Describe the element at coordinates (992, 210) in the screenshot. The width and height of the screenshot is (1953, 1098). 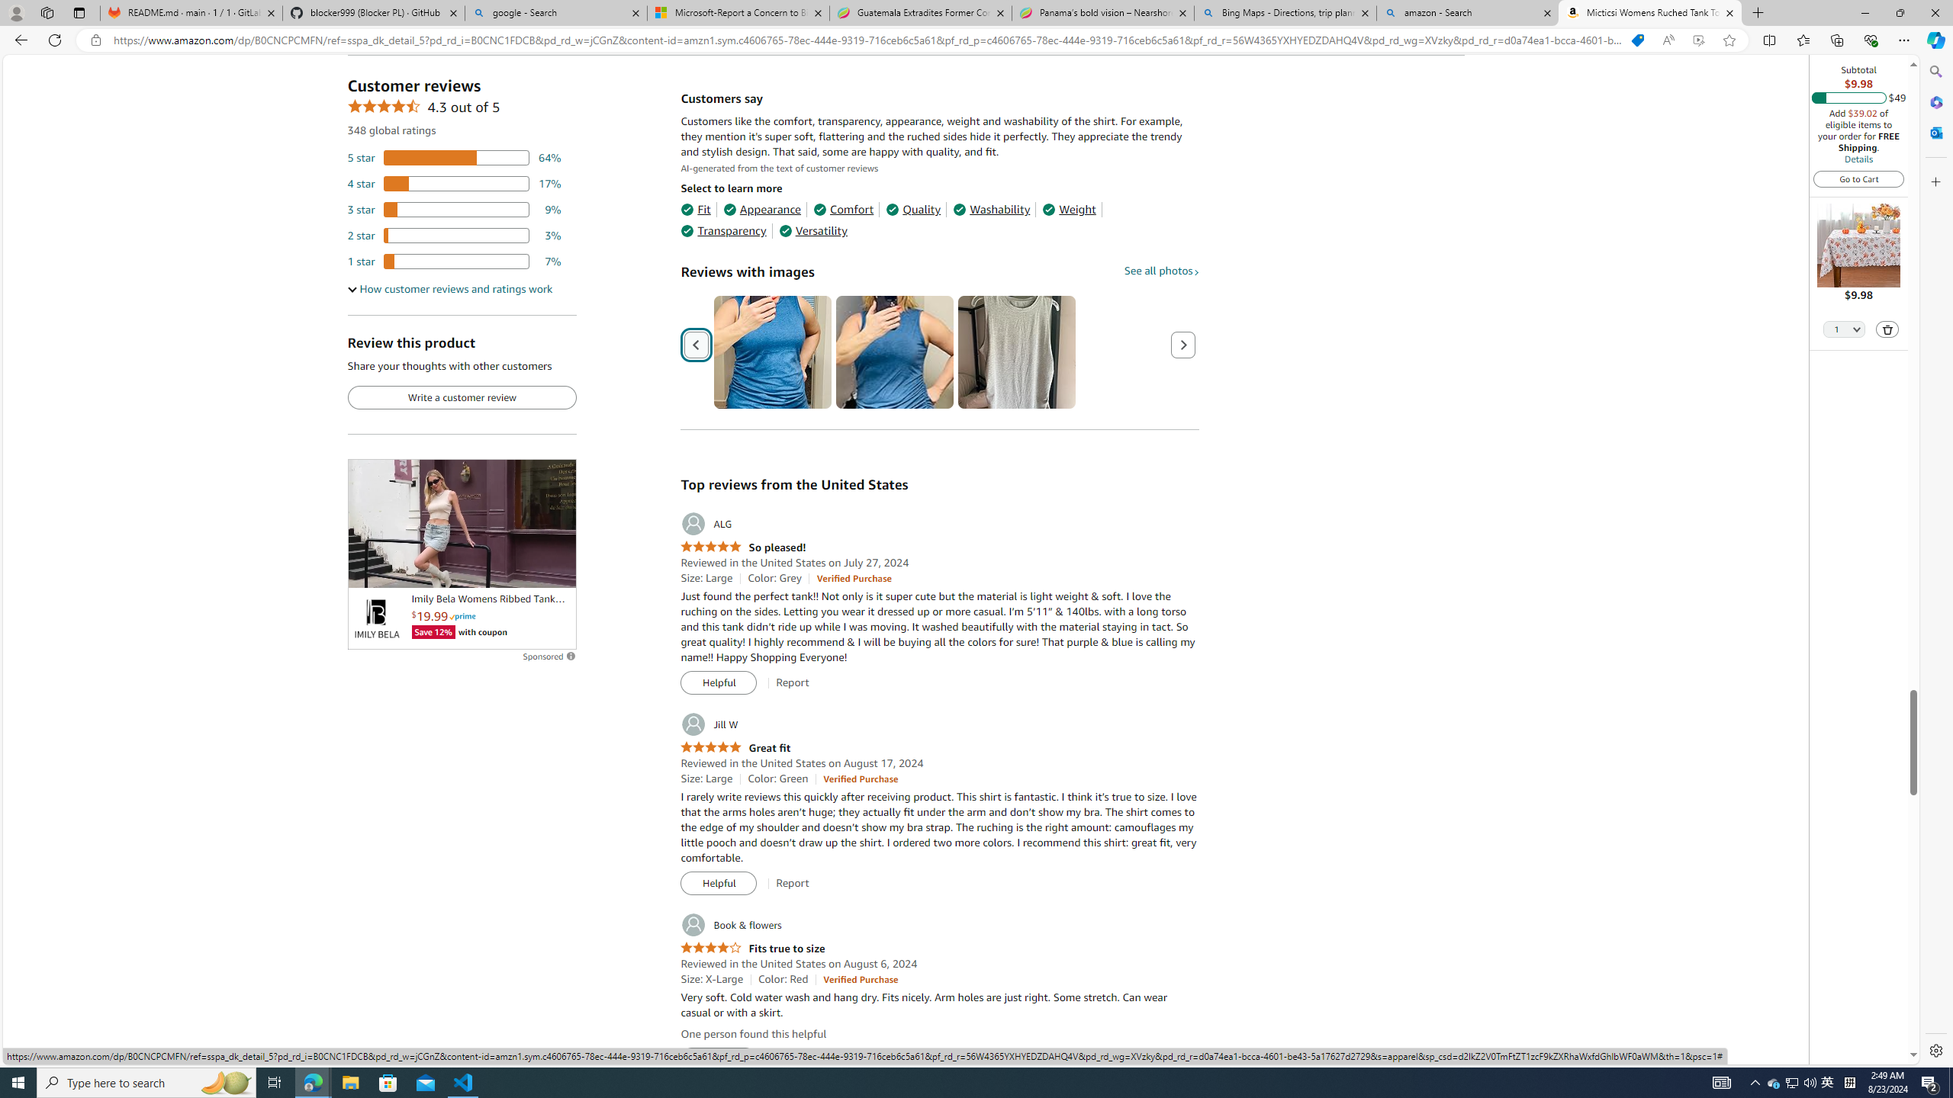
I see `'Washability'` at that location.